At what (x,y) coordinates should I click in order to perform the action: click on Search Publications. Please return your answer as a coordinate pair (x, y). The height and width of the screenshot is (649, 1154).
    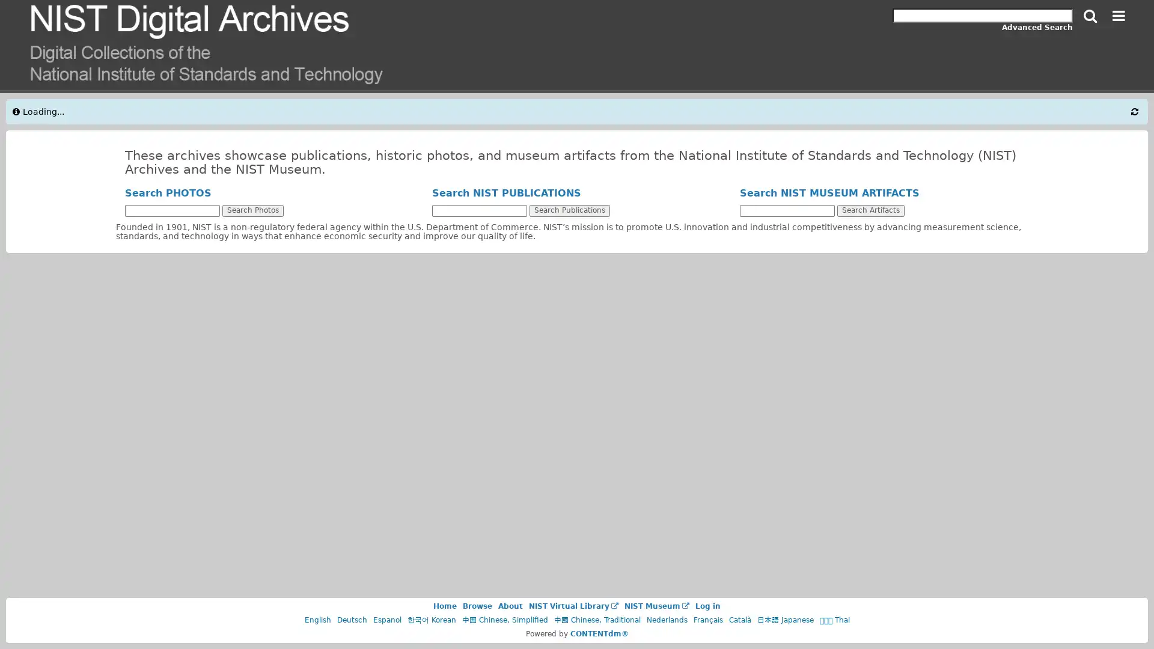
    Looking at the image, I should click on (569, 178).